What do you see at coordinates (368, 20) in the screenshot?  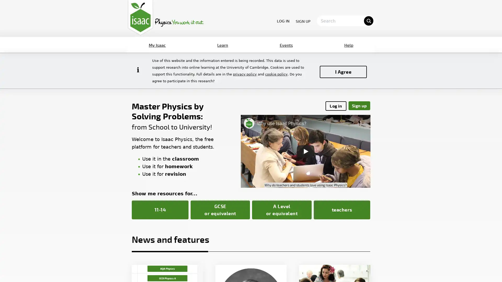 I see `search` at bounding box center [368, 20].